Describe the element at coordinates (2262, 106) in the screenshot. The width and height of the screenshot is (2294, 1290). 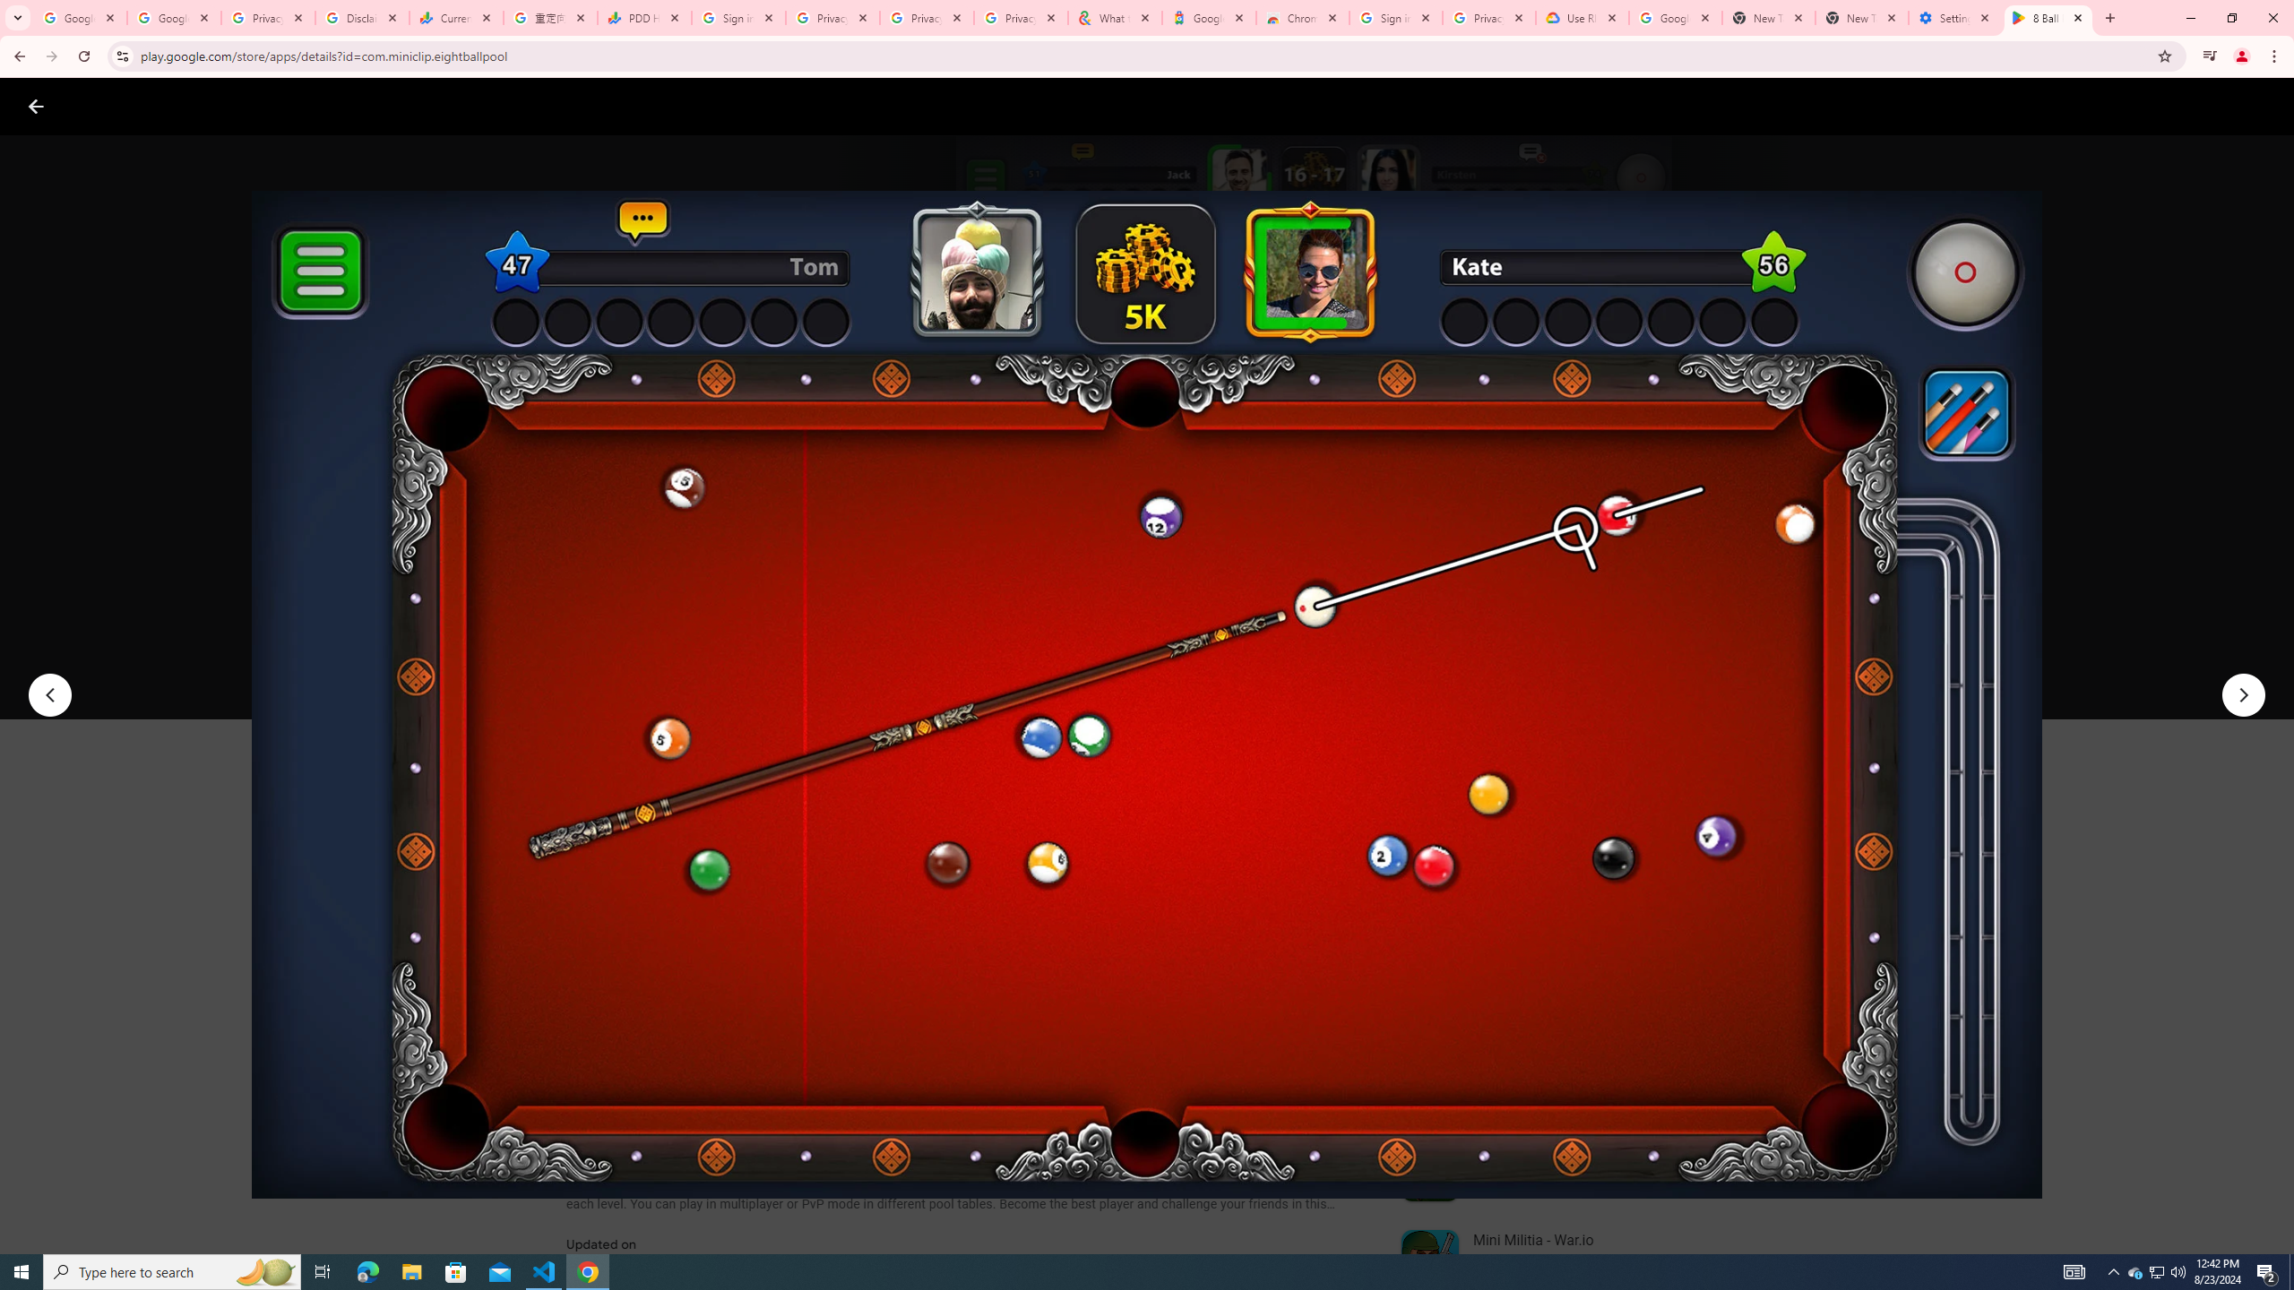
I see `'Open account menu'` at that location.